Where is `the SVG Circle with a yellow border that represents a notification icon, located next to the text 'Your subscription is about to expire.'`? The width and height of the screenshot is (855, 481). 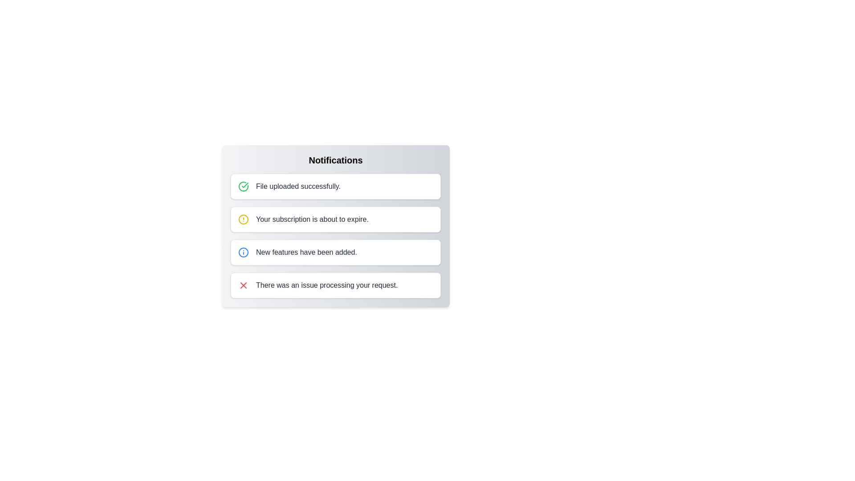
the SVG Circle with a yellow border that represents a notification icon, located next to the text 'Your subscription is about to expire.' is located at coordinates (244, 220).